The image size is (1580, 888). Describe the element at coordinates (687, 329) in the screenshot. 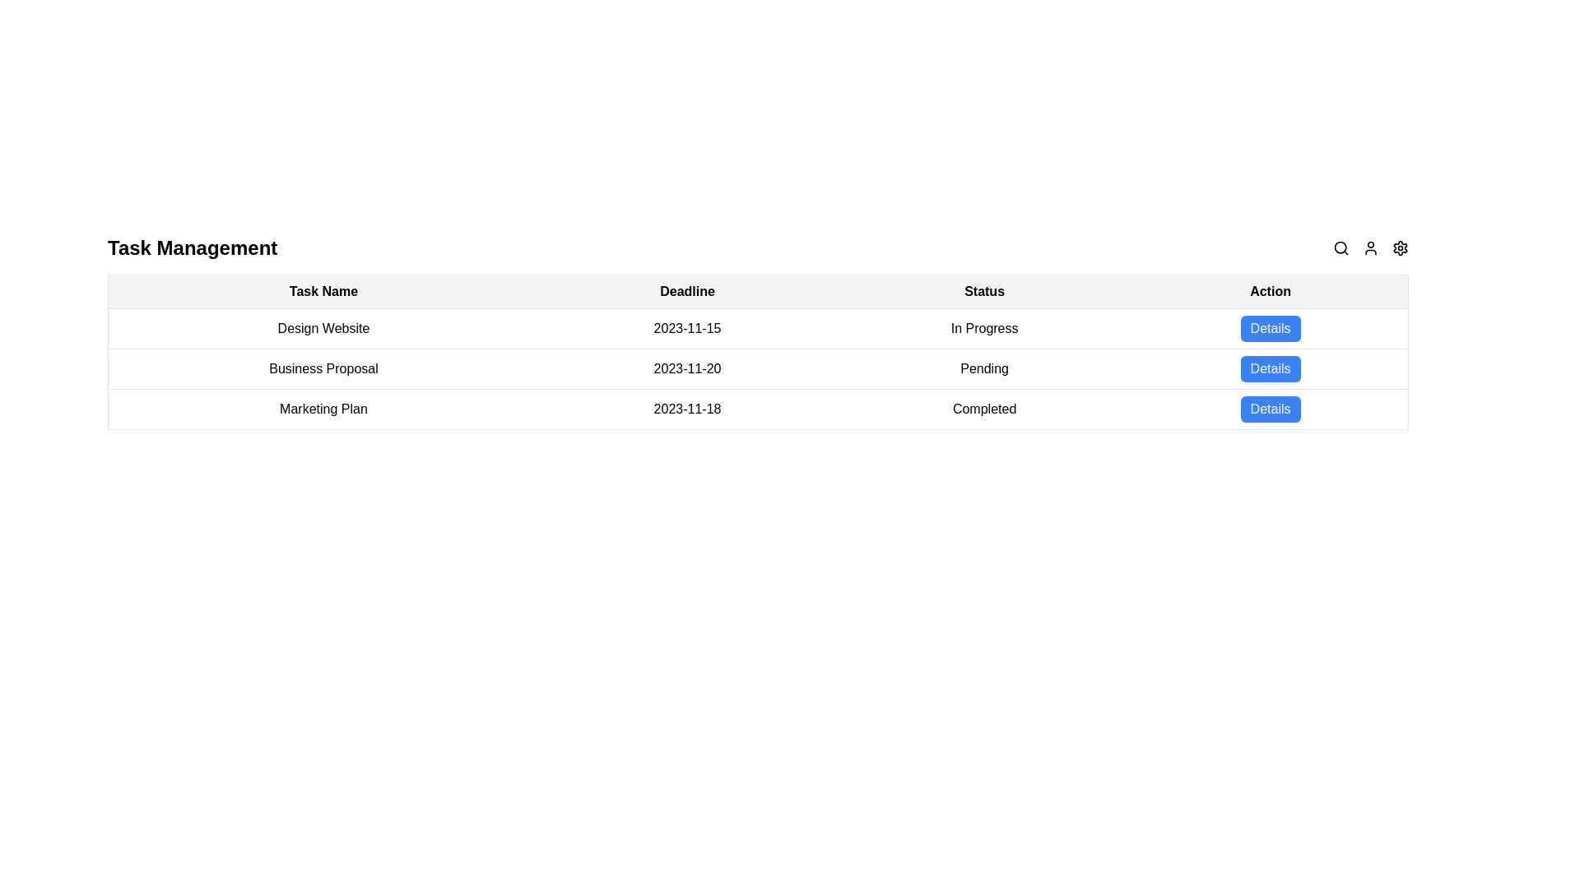

I see `the text element displaying the date '2023-11-15' in the 'Deadline' column, which is aligned with other date entries in the table` at that location.